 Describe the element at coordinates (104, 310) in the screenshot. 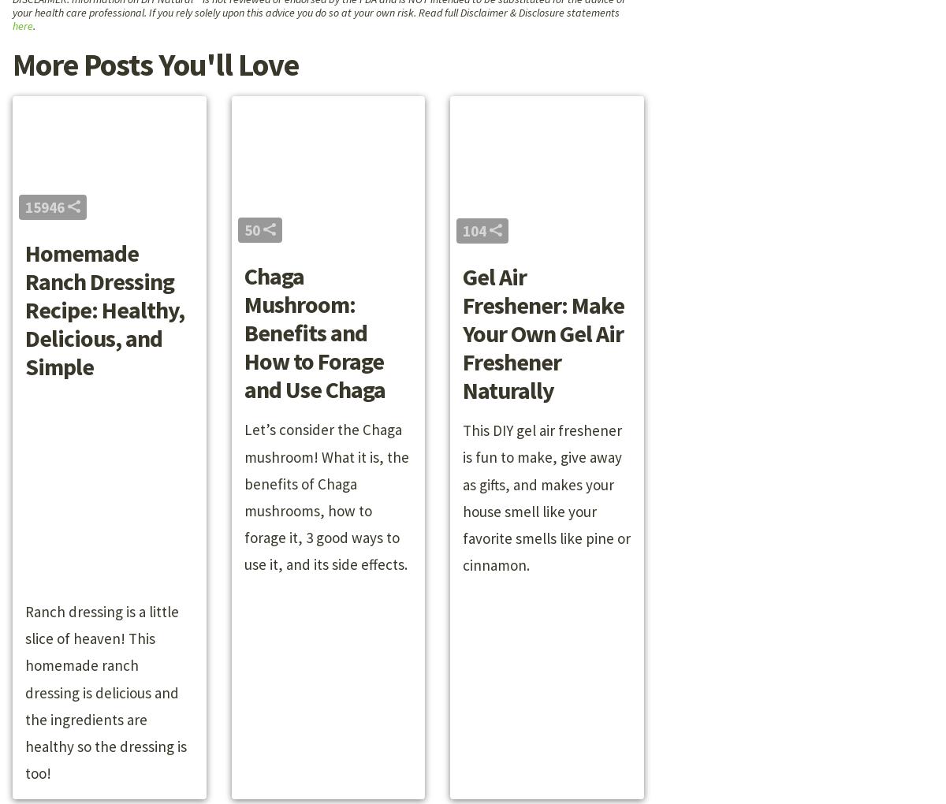

I see `'Homemade Ranch Dressing Recipe: Healthy, Delicious, and Simple'` at that location.